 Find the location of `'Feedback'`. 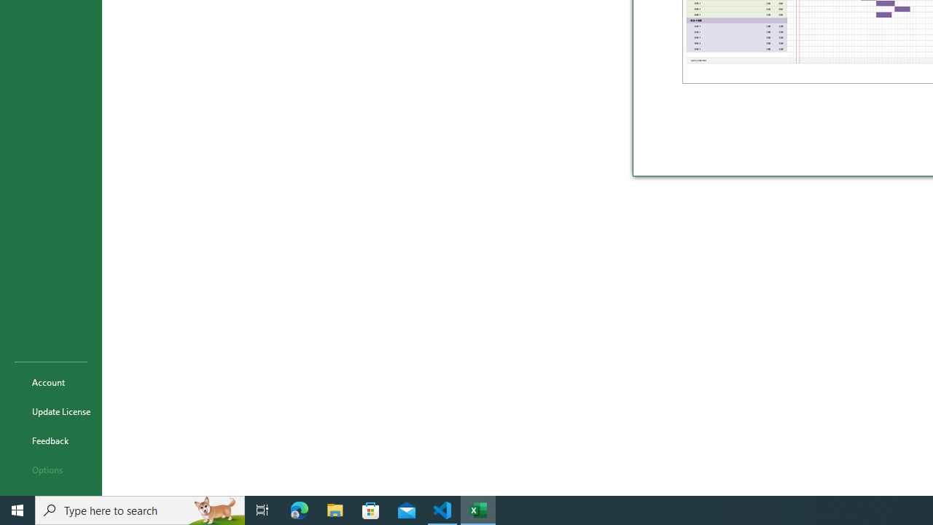

'Feedback' is located at coordinates (50, 440).